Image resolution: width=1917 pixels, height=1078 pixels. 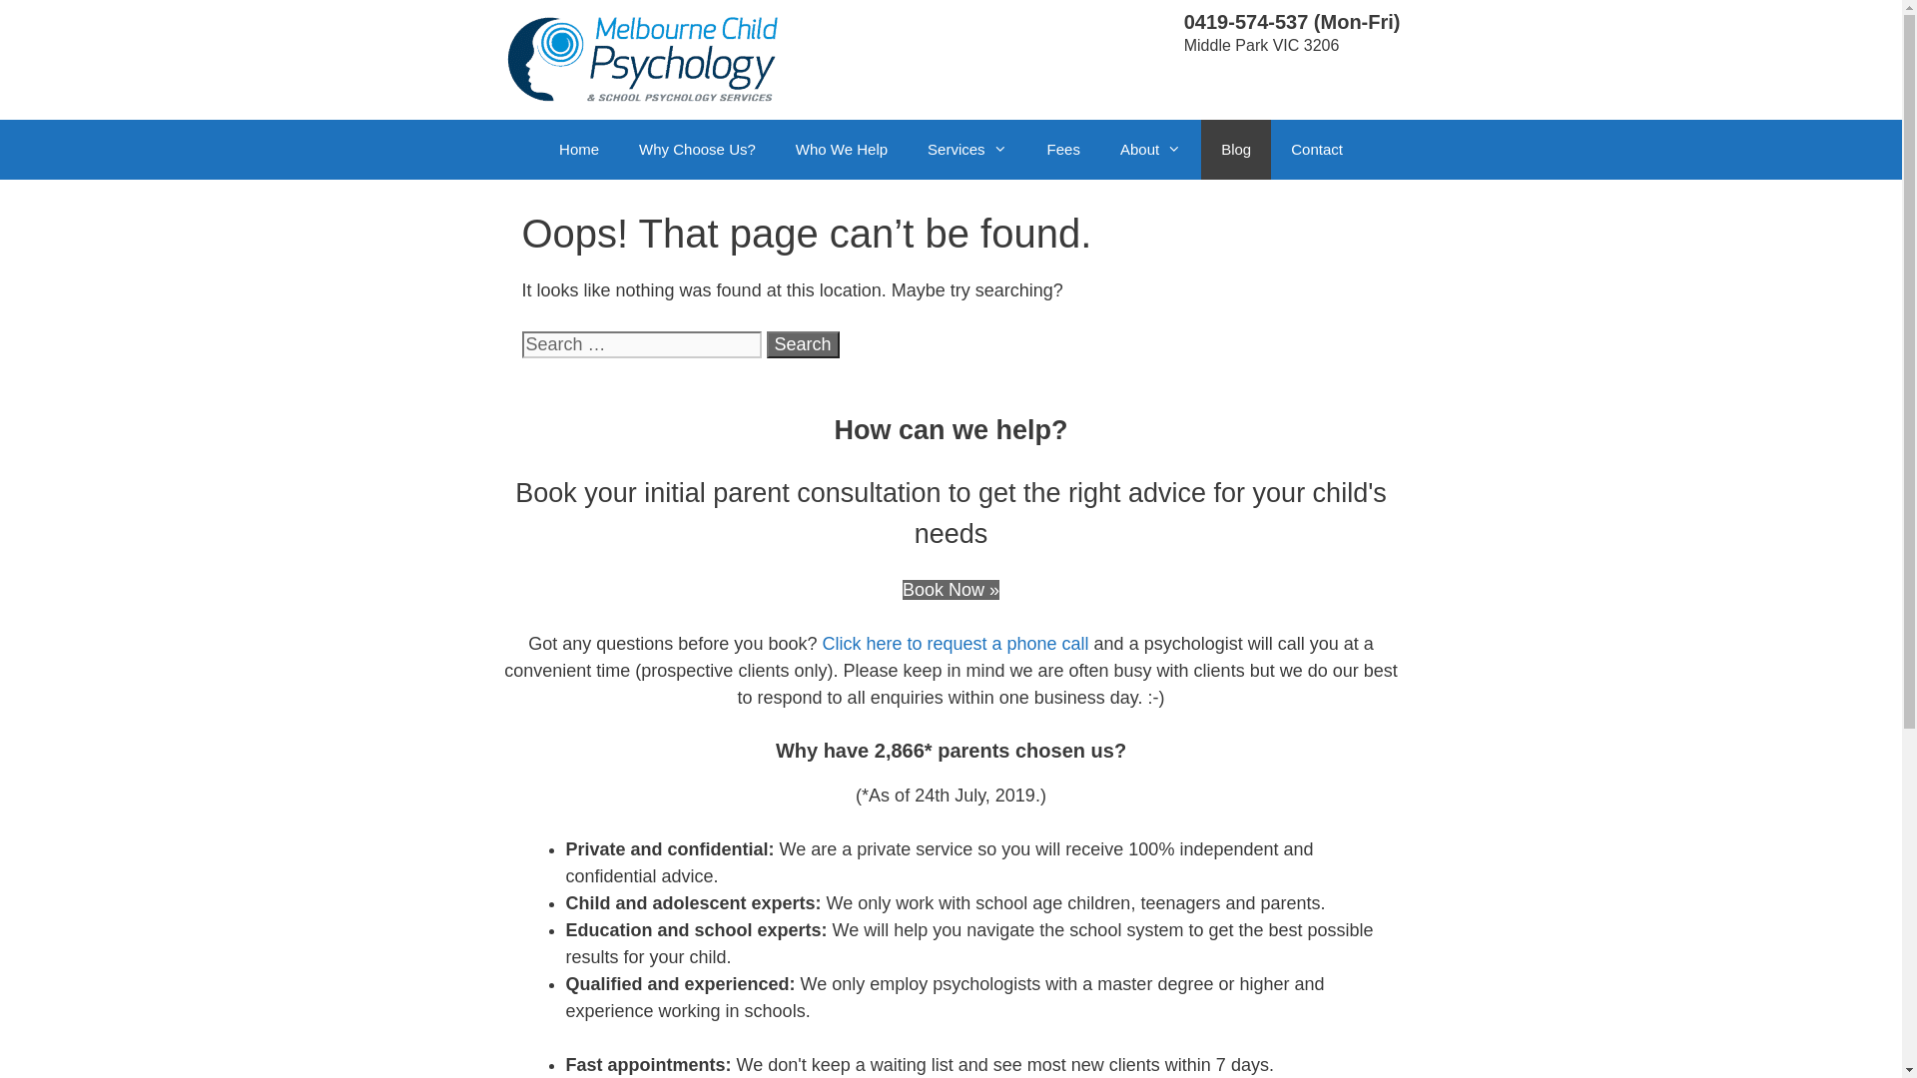 What do you see at coordinates (1245, 22) in the screenshot?
I see `'0419-574-537'` at bounding box center [1245, 22].